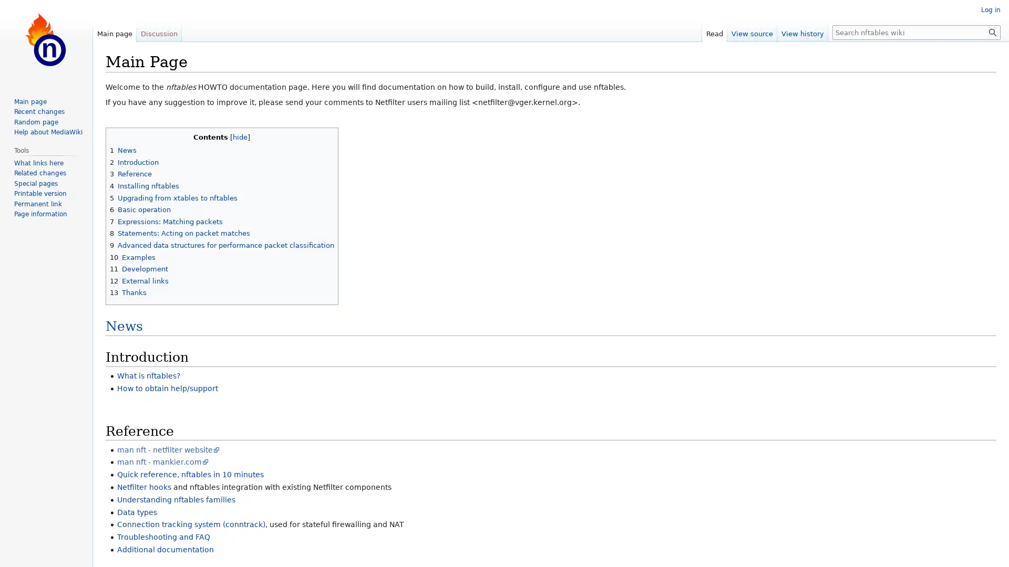 The image size is (1009, 567). Describe the element at coordinates (992, 31) in the screenshot. I see `Go` at that location.